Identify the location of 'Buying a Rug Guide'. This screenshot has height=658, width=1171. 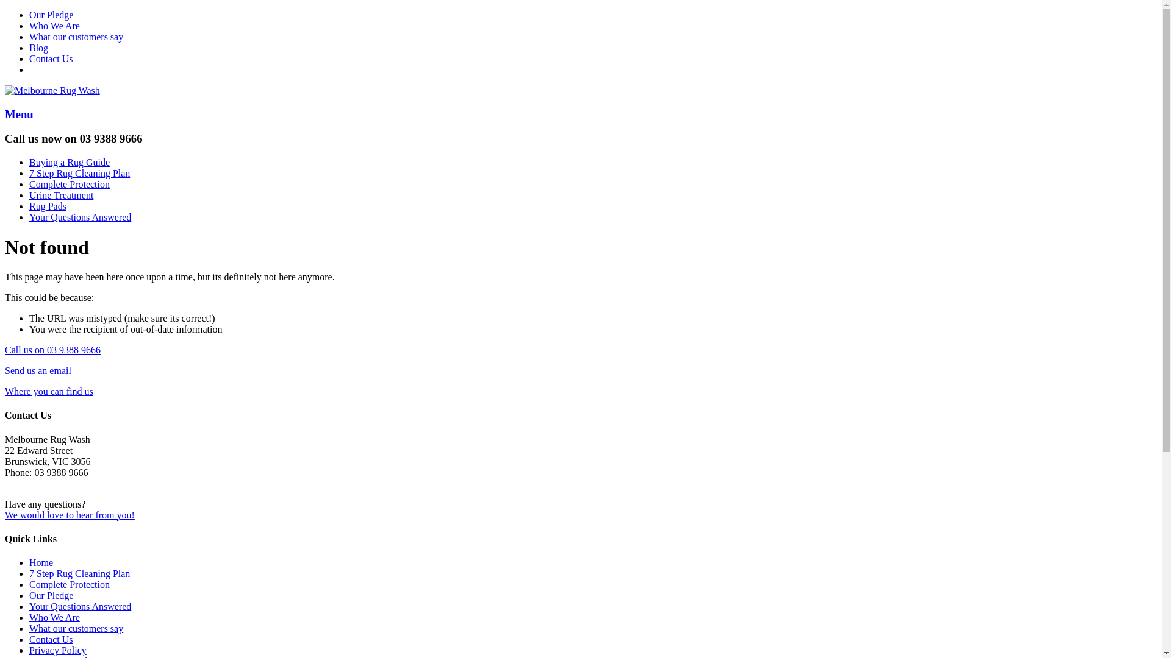
(69, 161).